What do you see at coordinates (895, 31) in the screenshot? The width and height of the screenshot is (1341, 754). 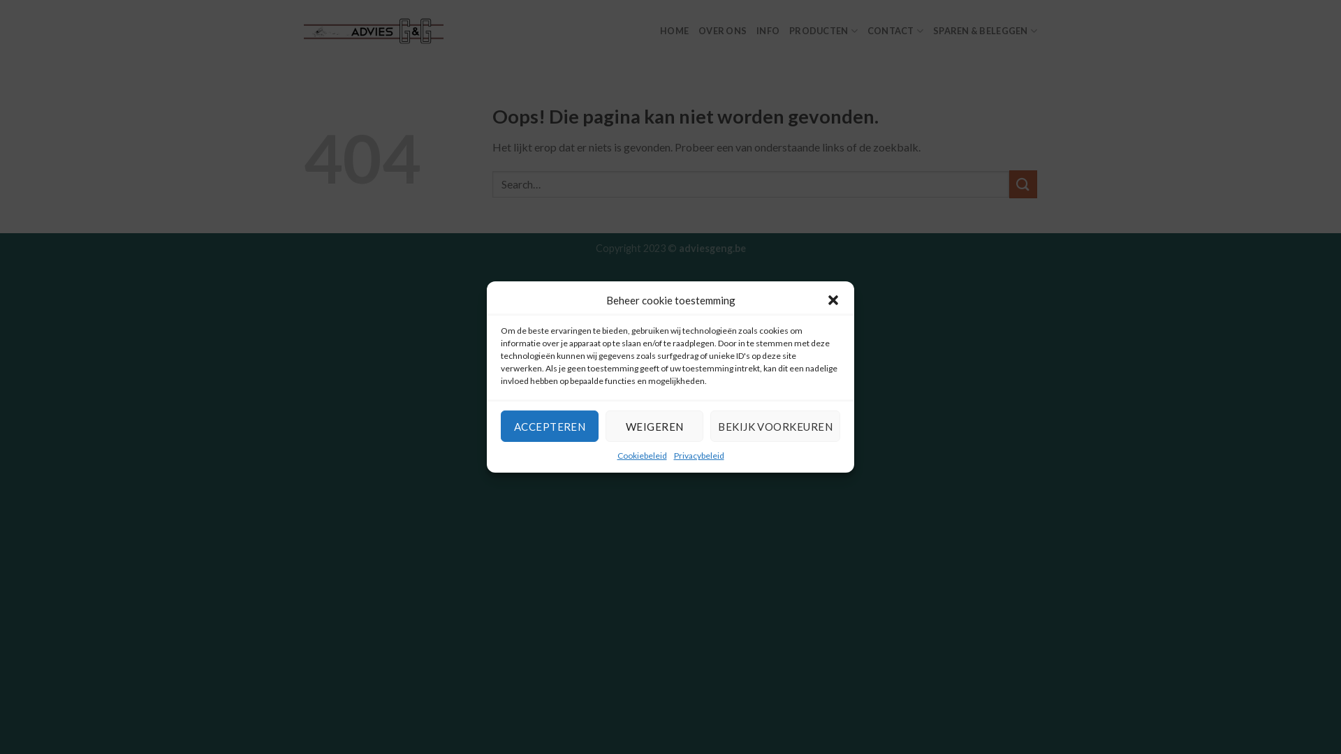 I see `'CONTACT'` at bounding box center [895, 31].